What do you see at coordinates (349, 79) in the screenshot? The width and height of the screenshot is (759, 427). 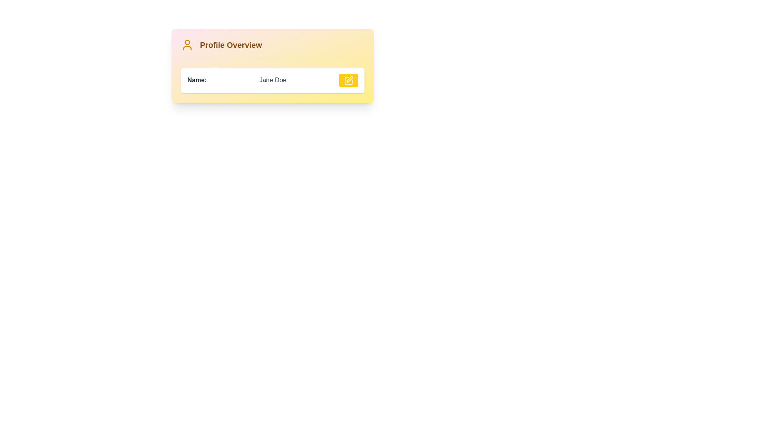 I see `the button with an embedded vector icon of a pen, which is located to the right of the text 'Jane Doe'` at bounding box center [349, 79].